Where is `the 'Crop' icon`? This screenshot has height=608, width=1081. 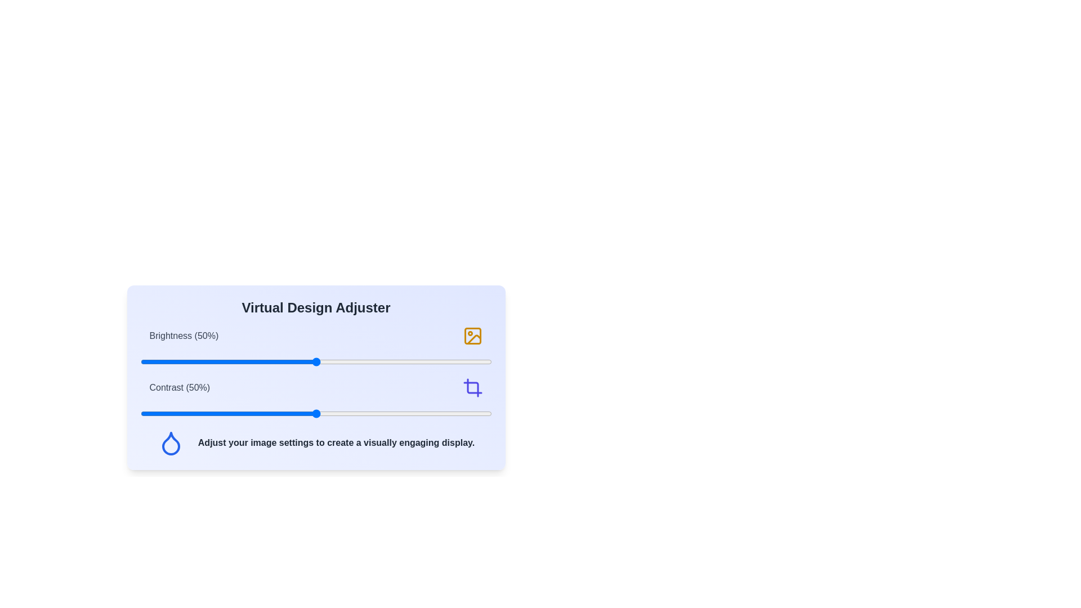 the 'Crop' icon is located at coordinates (472, 387).